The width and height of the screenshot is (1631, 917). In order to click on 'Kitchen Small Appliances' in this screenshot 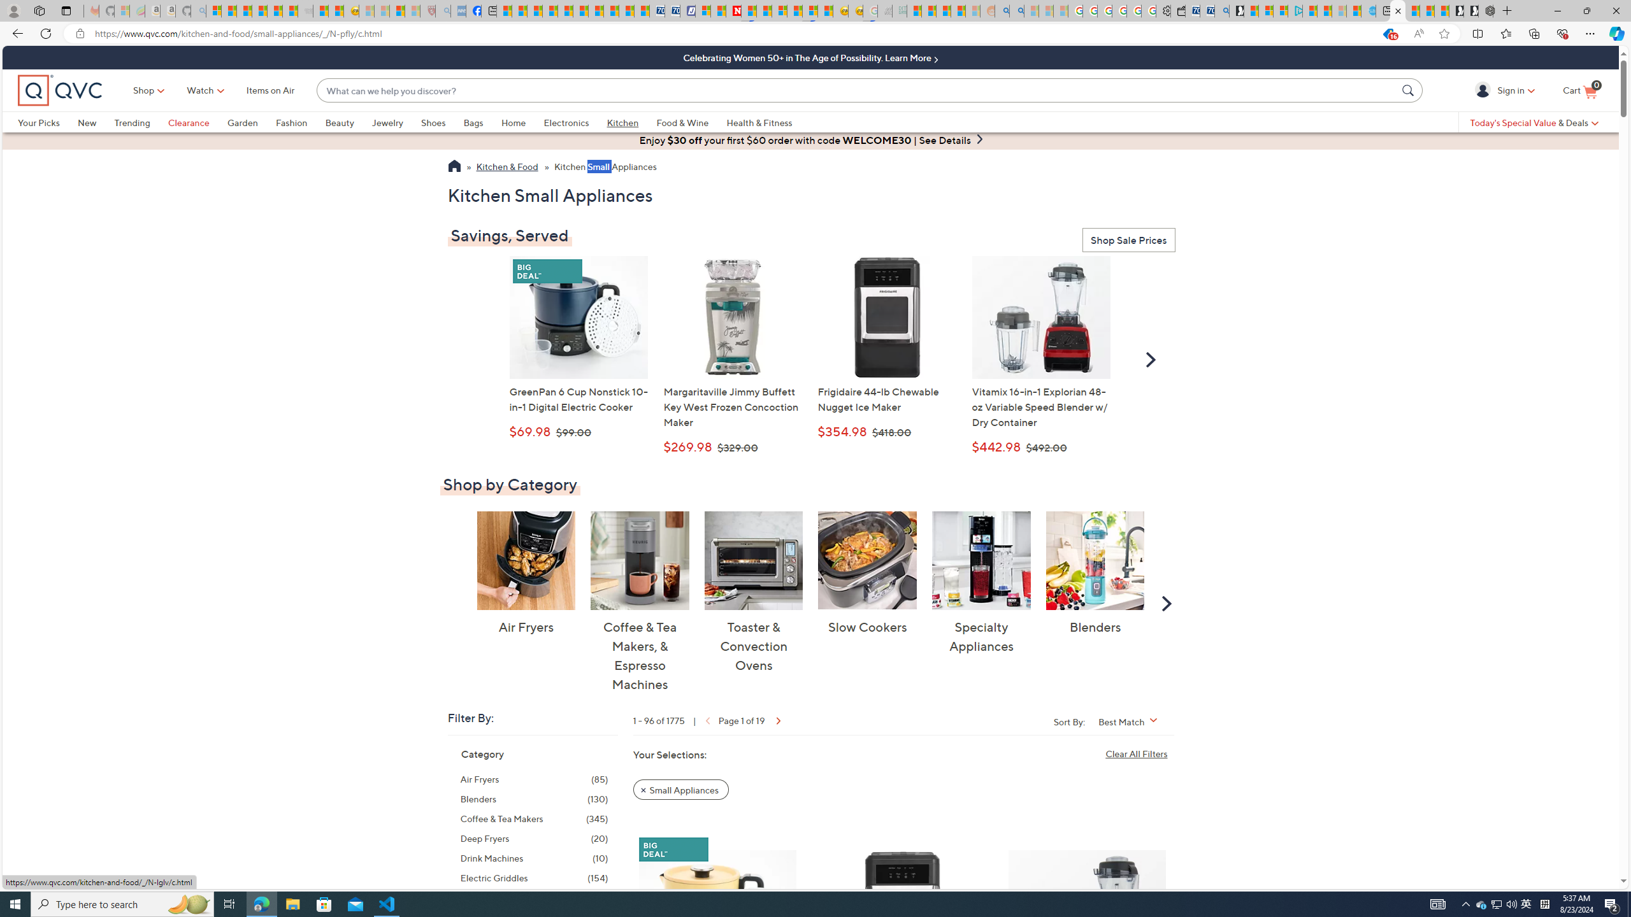, I will do `click(605, 167)`.